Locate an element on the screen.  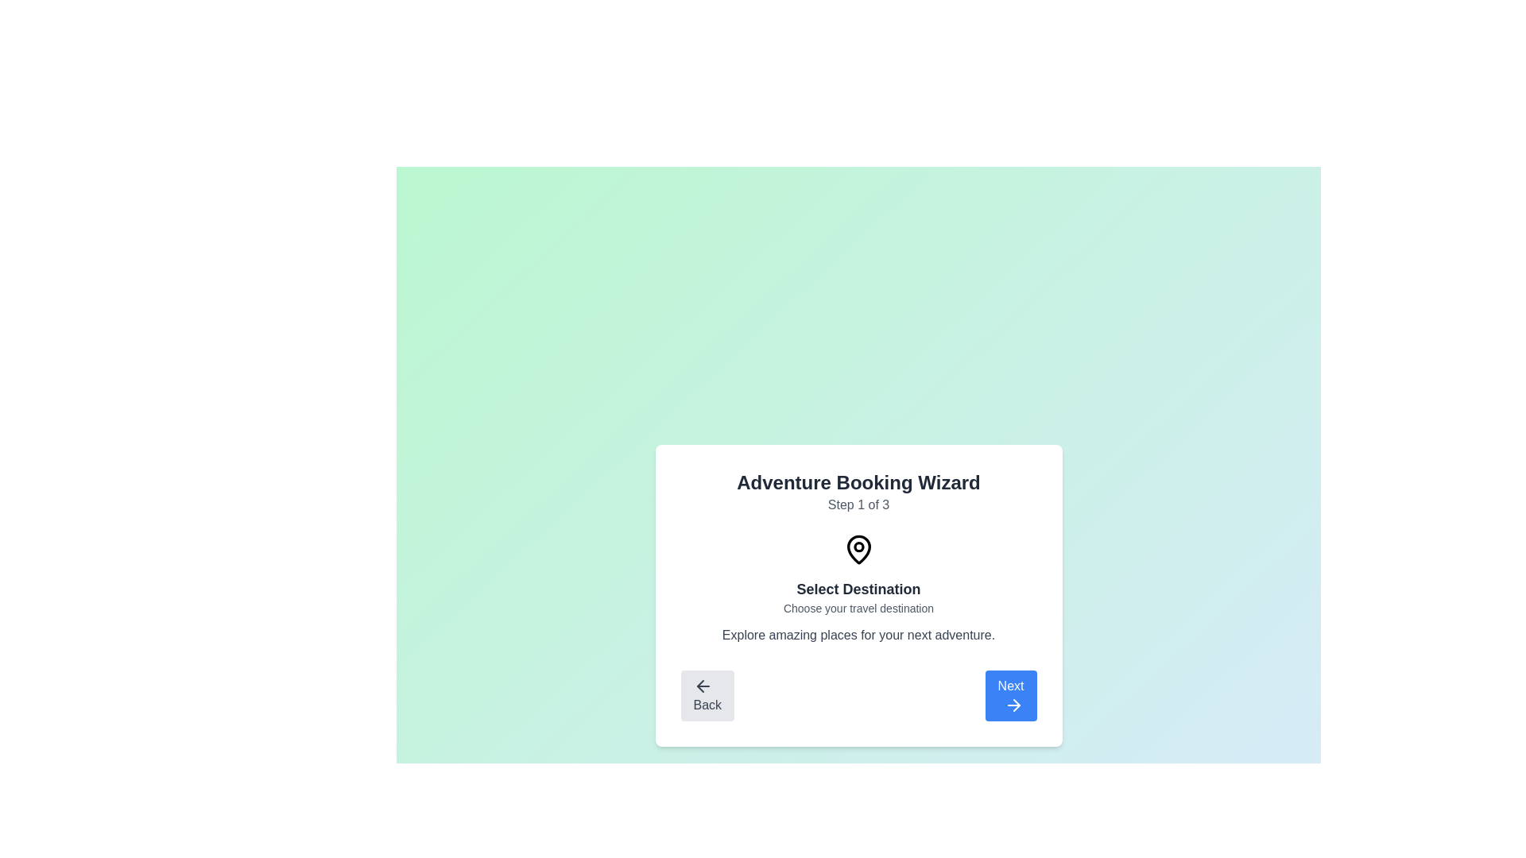
the static text element displaying 'Choose your travel destination', which is positioned centrally beneath the title 'Select Destination' is located at coordinates (858, 608).